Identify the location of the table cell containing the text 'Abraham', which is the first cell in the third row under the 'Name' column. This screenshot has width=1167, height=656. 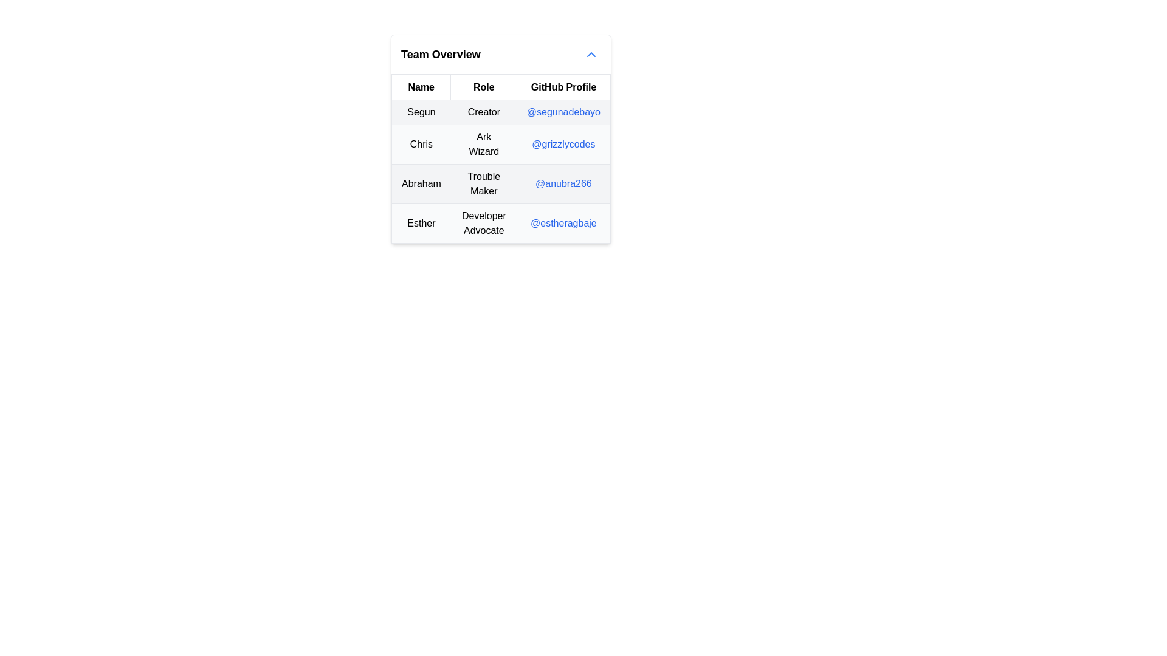
(421, 184).